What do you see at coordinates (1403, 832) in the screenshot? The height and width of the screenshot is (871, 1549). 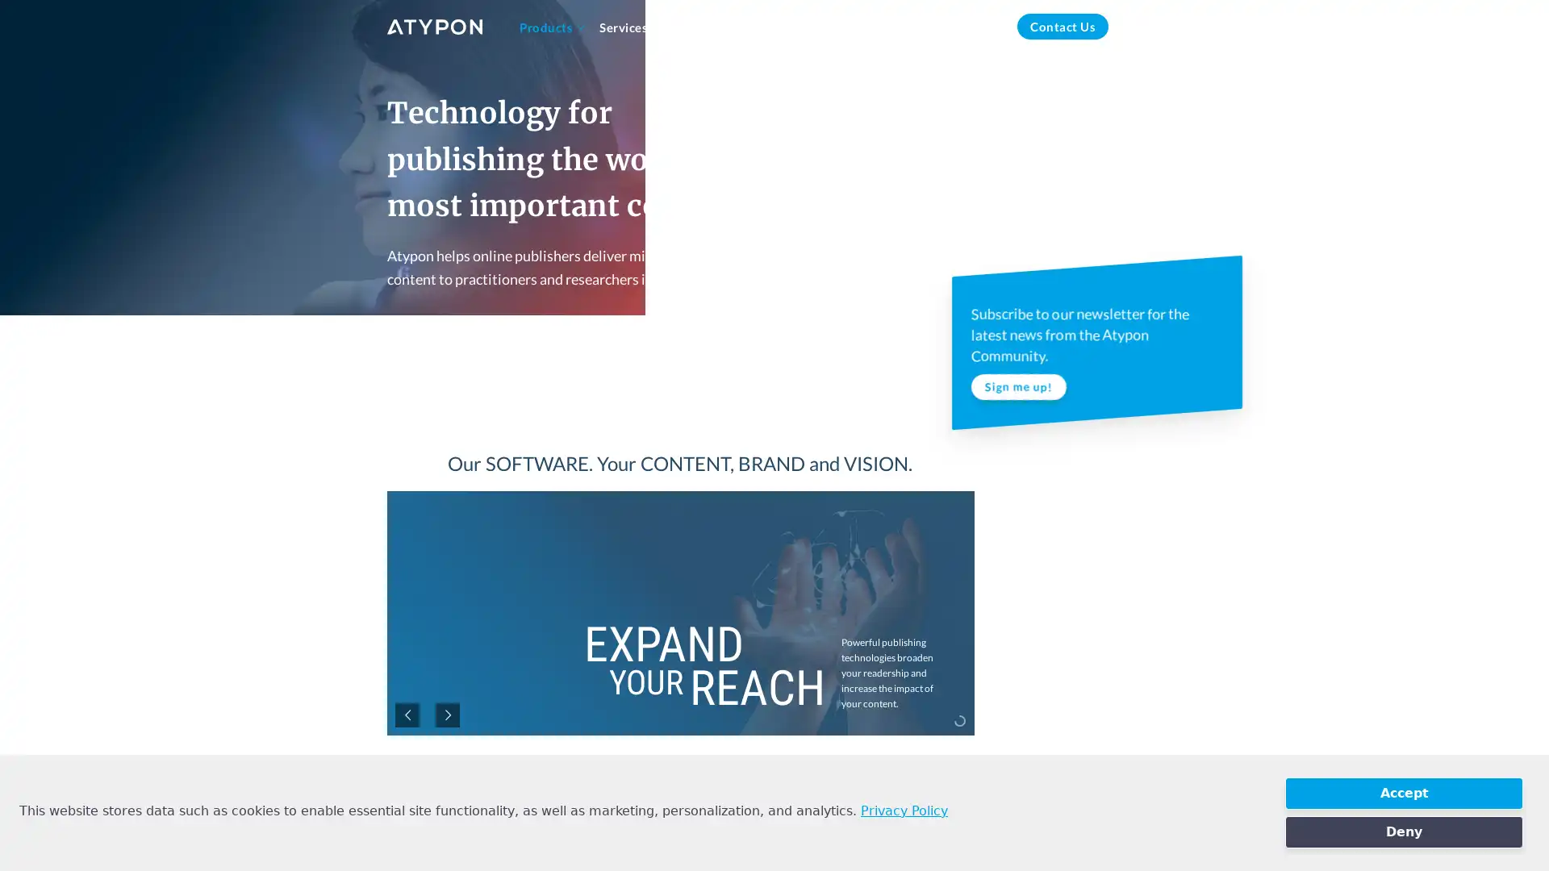 I see `Deny` at bounding box center [1403, 832].